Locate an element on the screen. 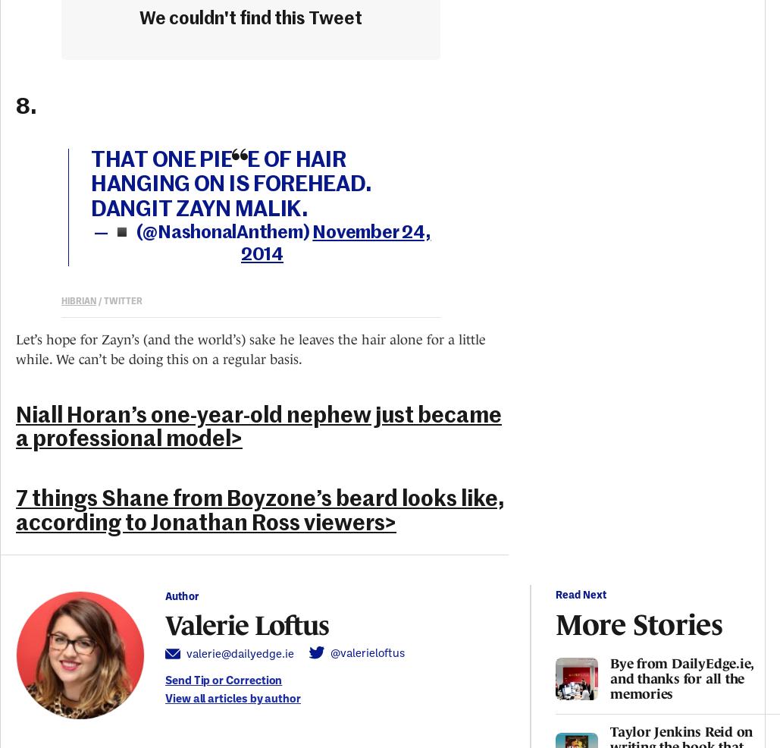  'View all articles' is located at coordinates (205, 697).